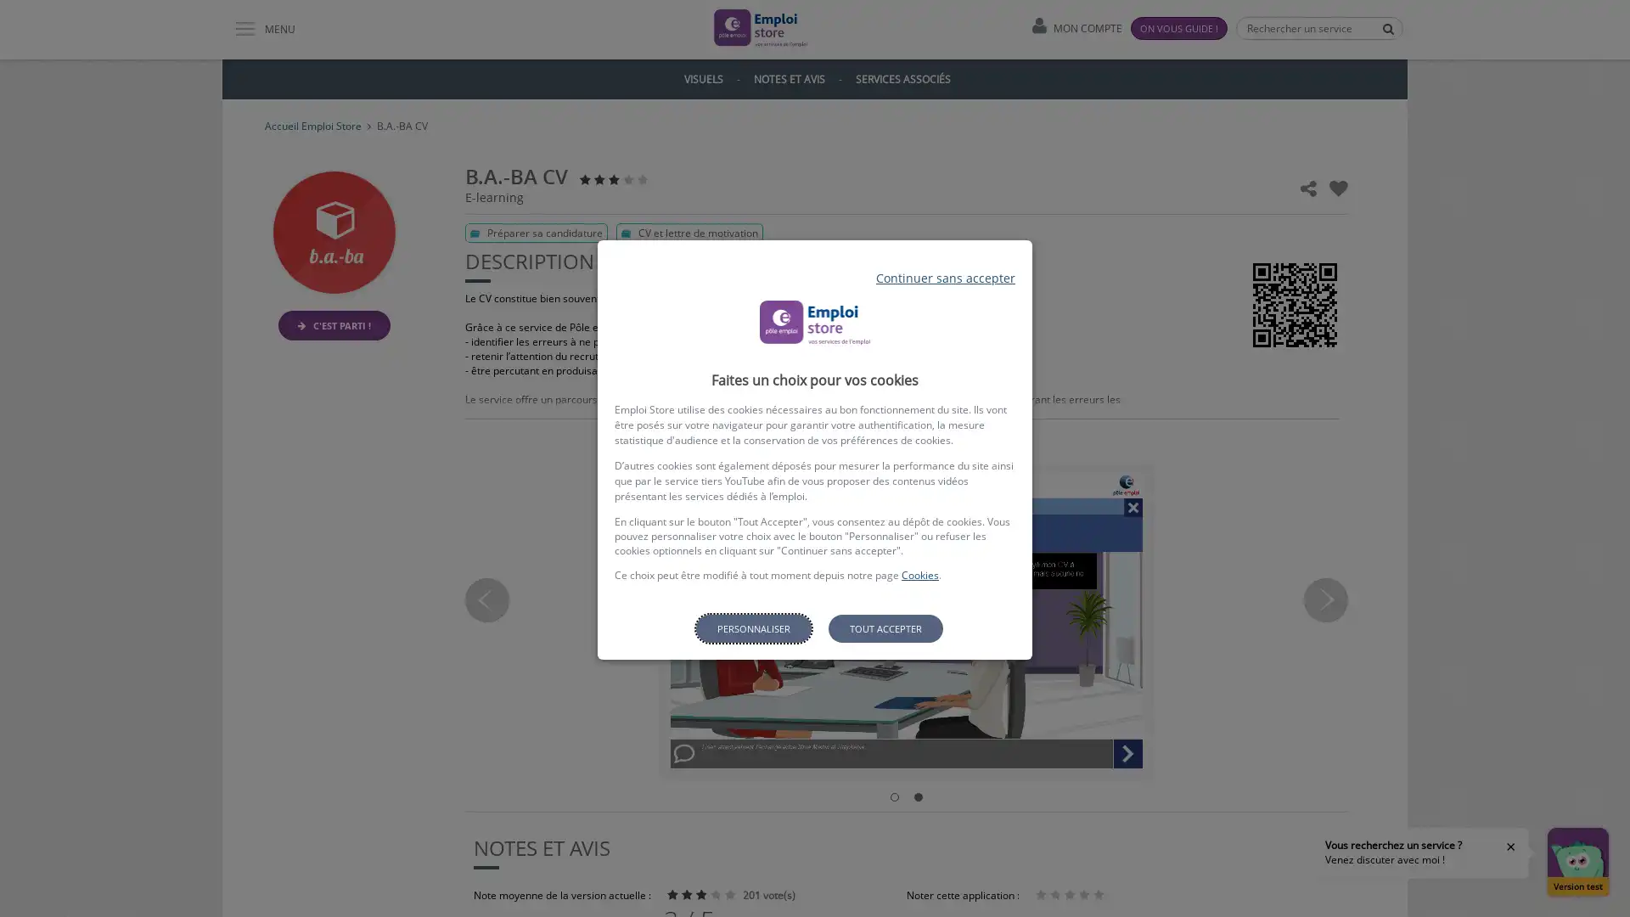 Image resolution: width=1630 pixels, height=917 pixels. What do you see at coordinates (752, 628) in the screenshot?
I see `Personnaliser les parametres de confidentialite` at bounding box center [752, 628].